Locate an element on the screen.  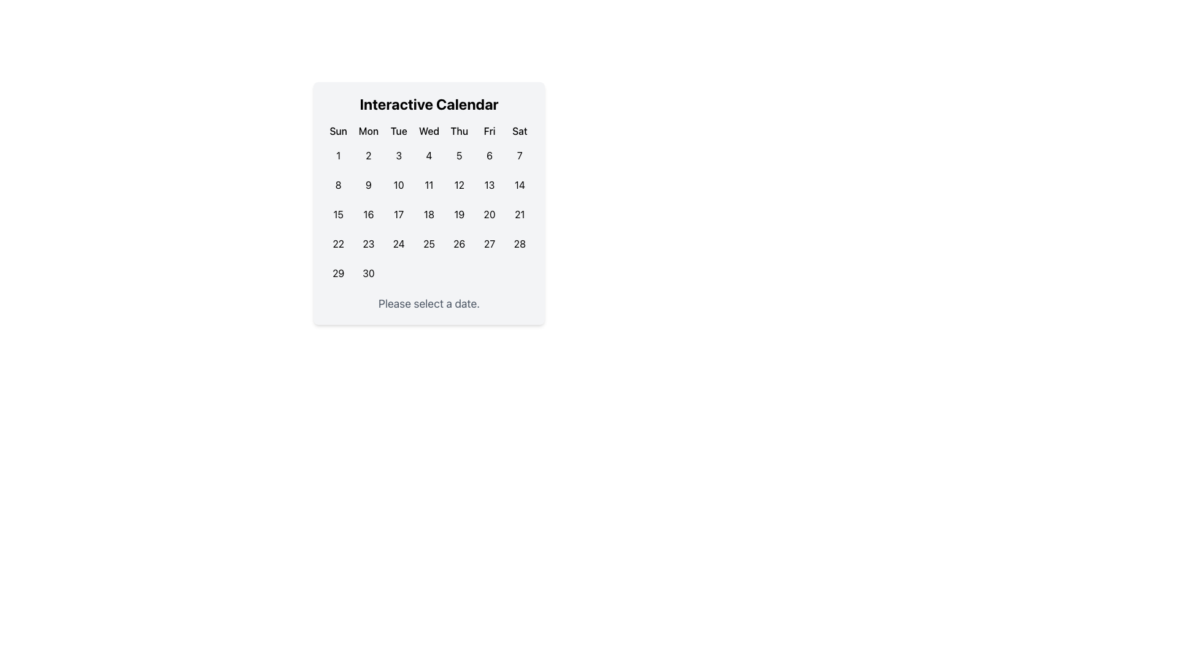
the selectable calendar date cell displaying the number '5' under the column labeled 'Thu' is located at coordinates (458, 155).